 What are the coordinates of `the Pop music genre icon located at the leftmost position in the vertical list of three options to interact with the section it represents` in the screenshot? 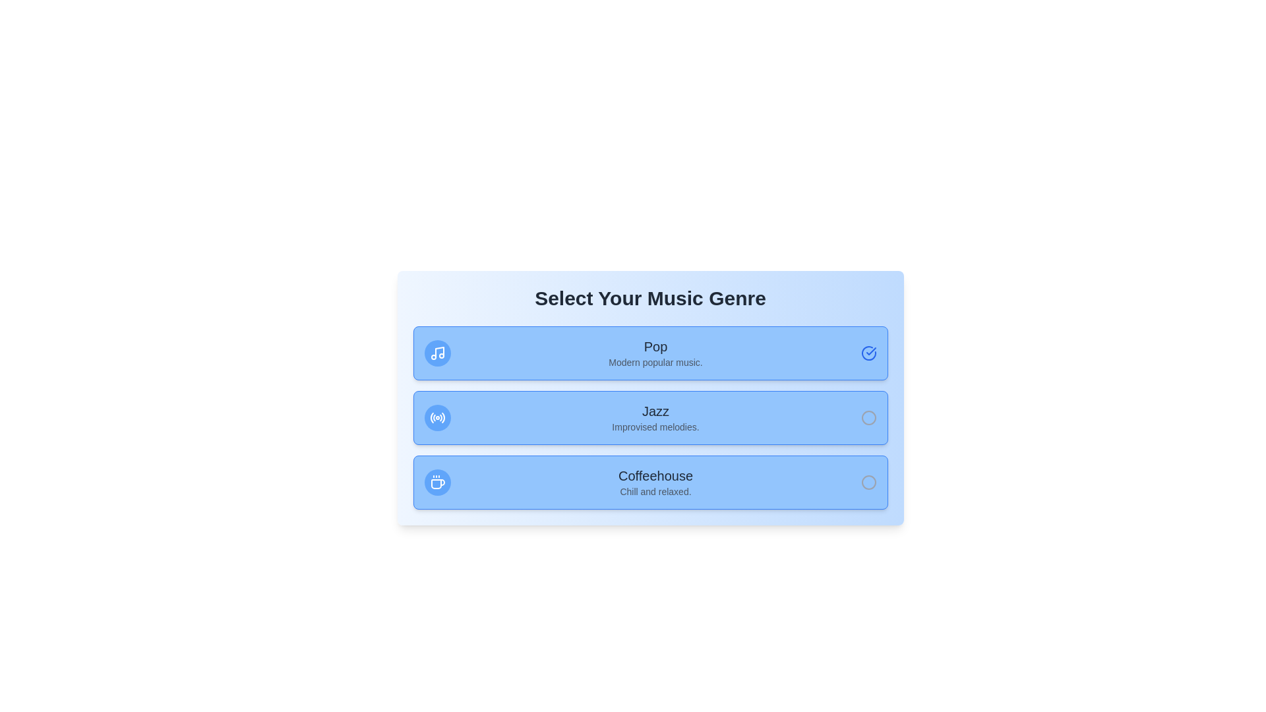 It's located at (437, 353).